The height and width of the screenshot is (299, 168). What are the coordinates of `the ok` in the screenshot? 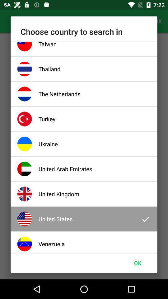 It's located at (138, 263).